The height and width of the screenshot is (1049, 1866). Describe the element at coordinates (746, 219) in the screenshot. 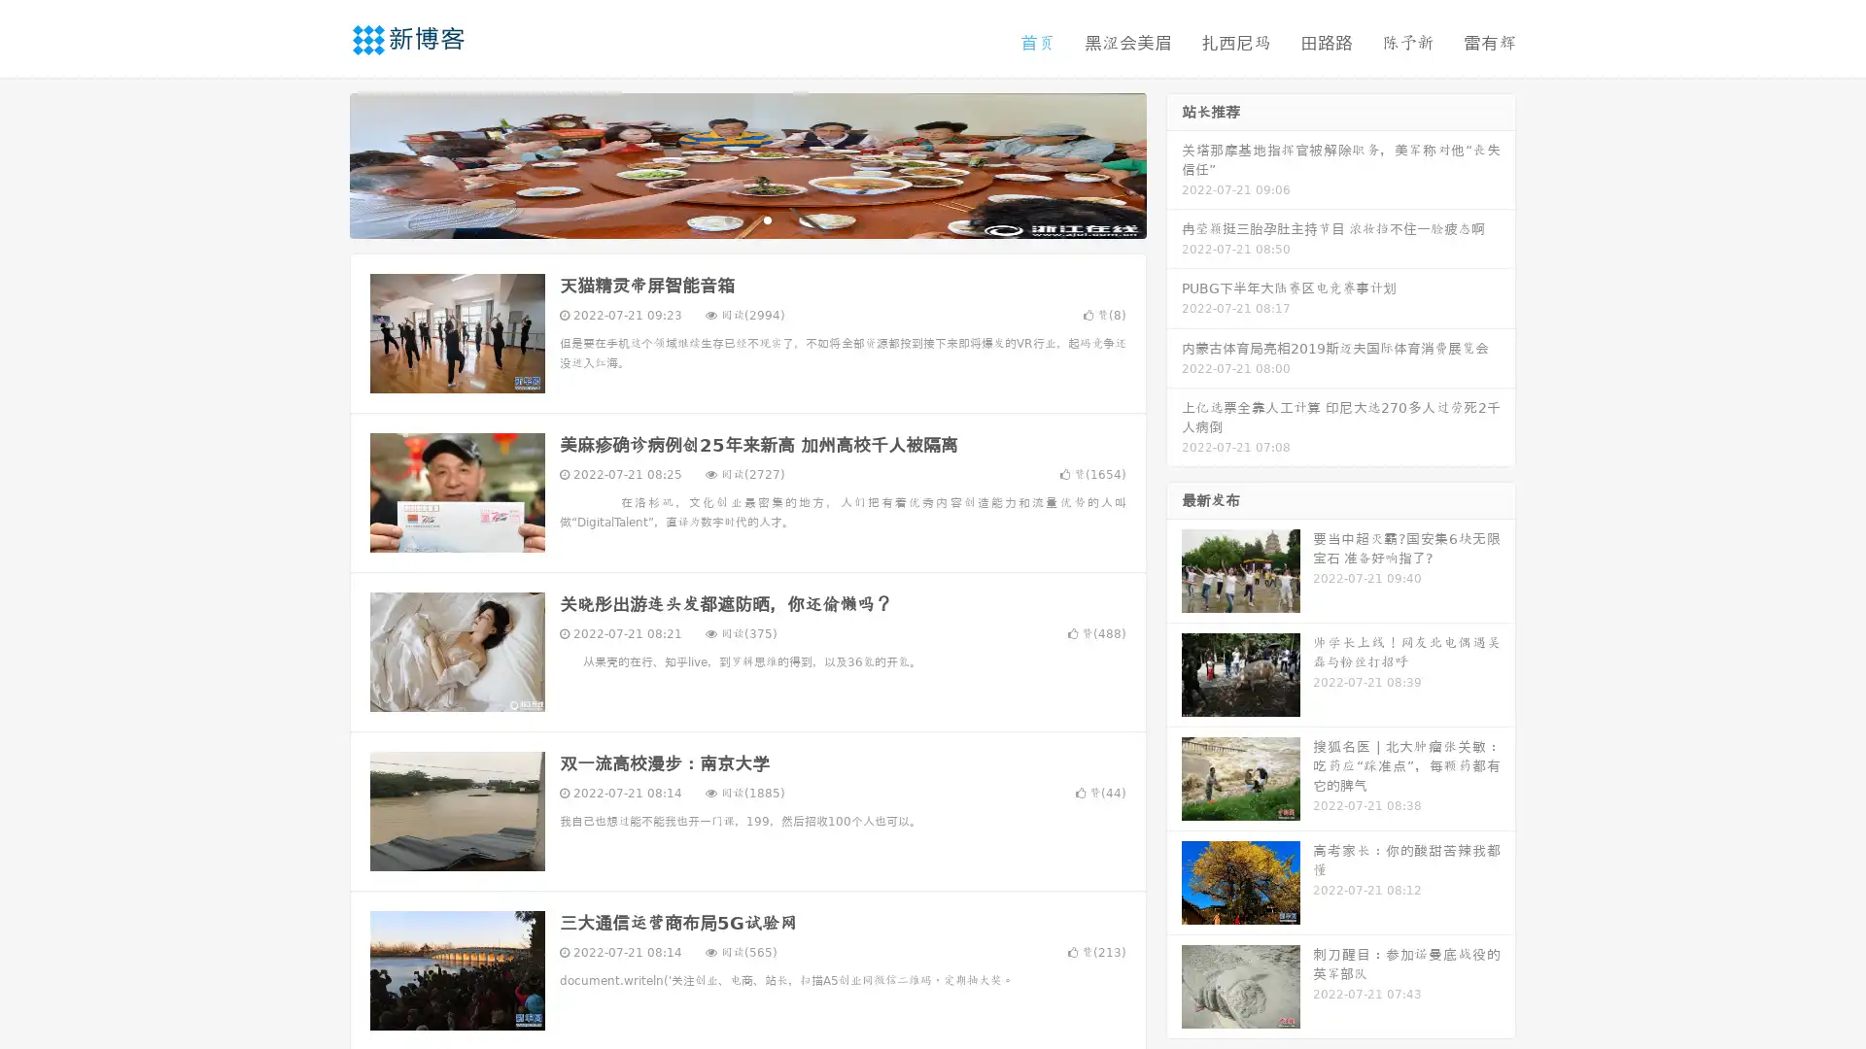

I see `Go to slide 2` at that location.